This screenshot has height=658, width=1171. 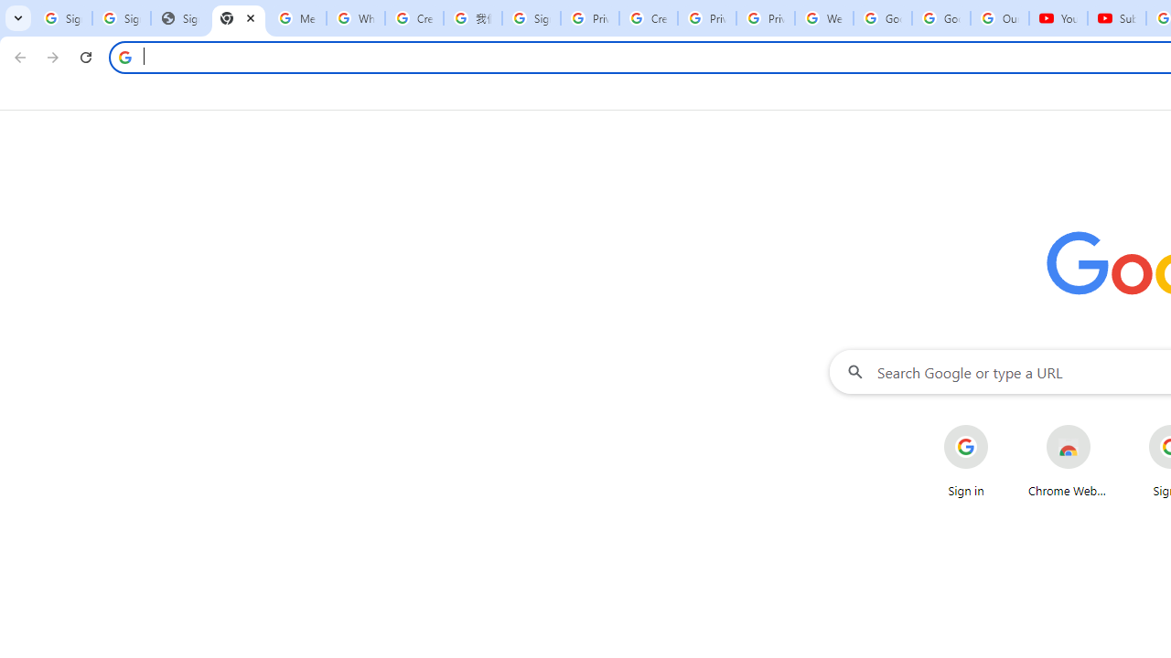 What do you see at coordinates (249, 17) in the screenshot?
I see `'Close'` at bounding box center [249, 17].